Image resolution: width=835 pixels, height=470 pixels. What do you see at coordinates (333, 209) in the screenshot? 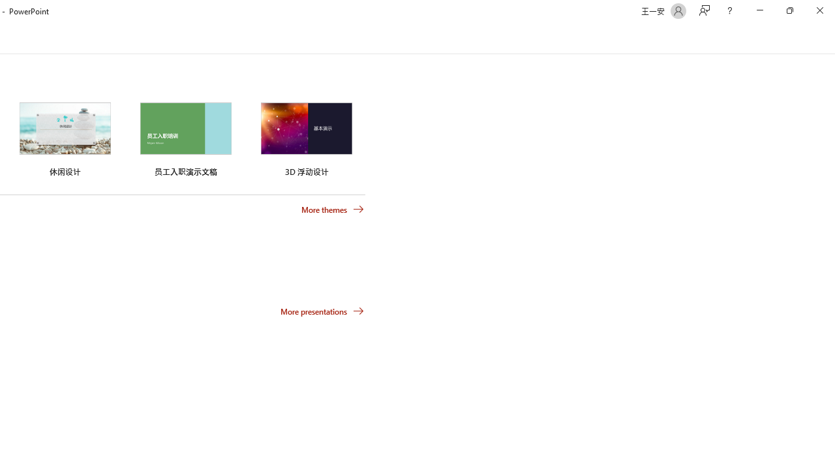
I see `'More themes'` at bounding box center [333, 209].